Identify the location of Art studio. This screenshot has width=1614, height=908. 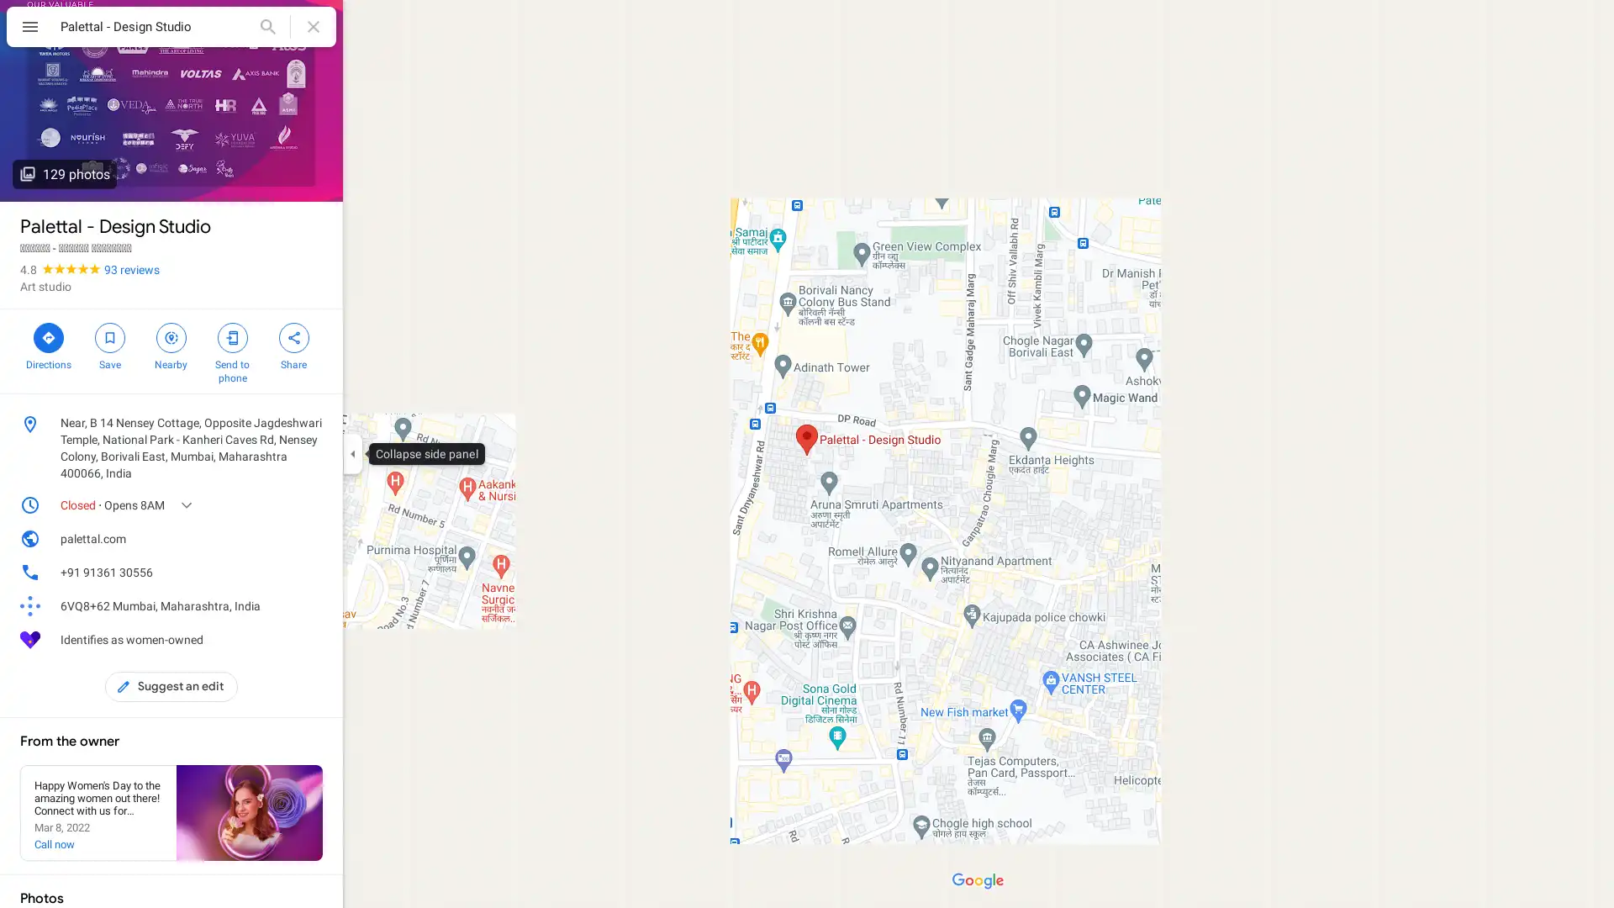
(45, 285).